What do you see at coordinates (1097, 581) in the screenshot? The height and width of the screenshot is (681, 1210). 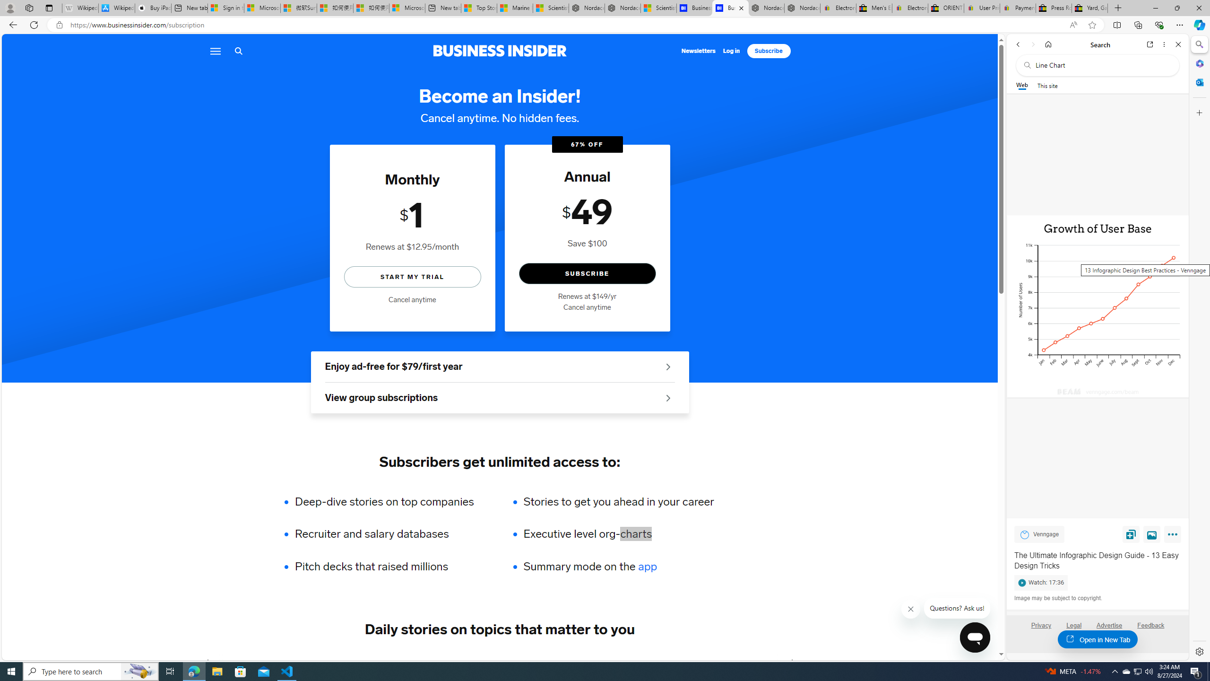 I see `'Watch: 17:36'` at bounding box center [1097, 581].